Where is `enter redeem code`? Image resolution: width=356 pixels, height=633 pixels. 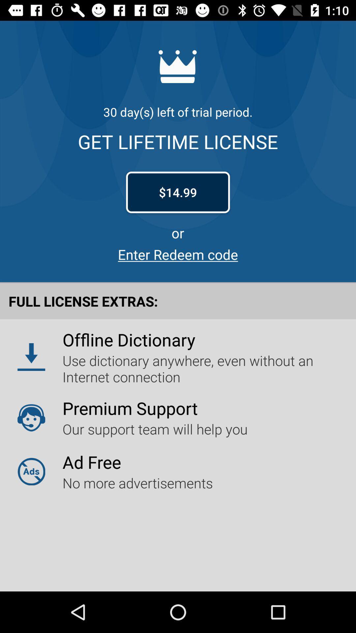
enter redeem code is located at coordinates (178, 254).